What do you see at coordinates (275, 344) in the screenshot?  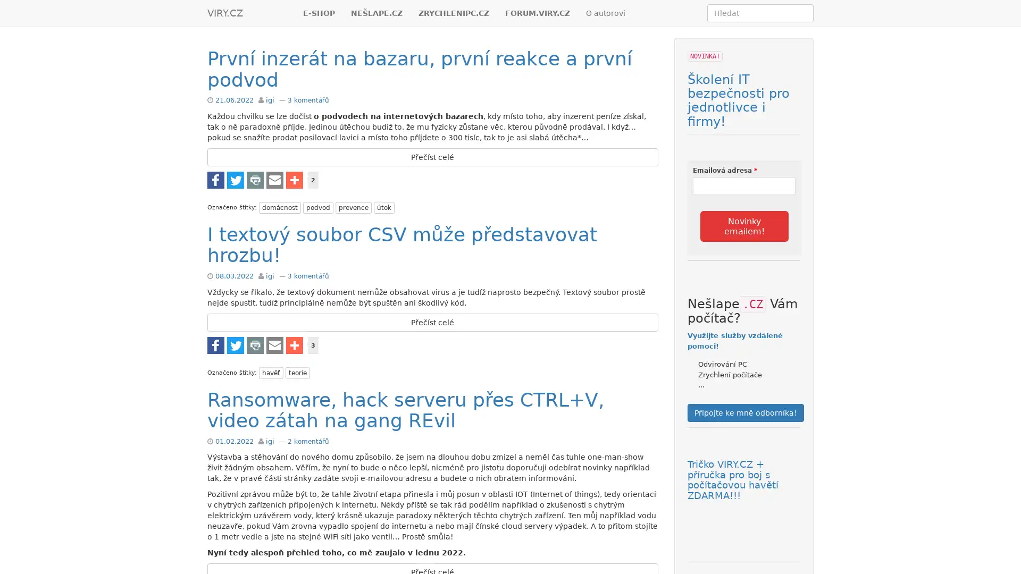 I see `Share to E-mail` at bounding box center [275, 344].